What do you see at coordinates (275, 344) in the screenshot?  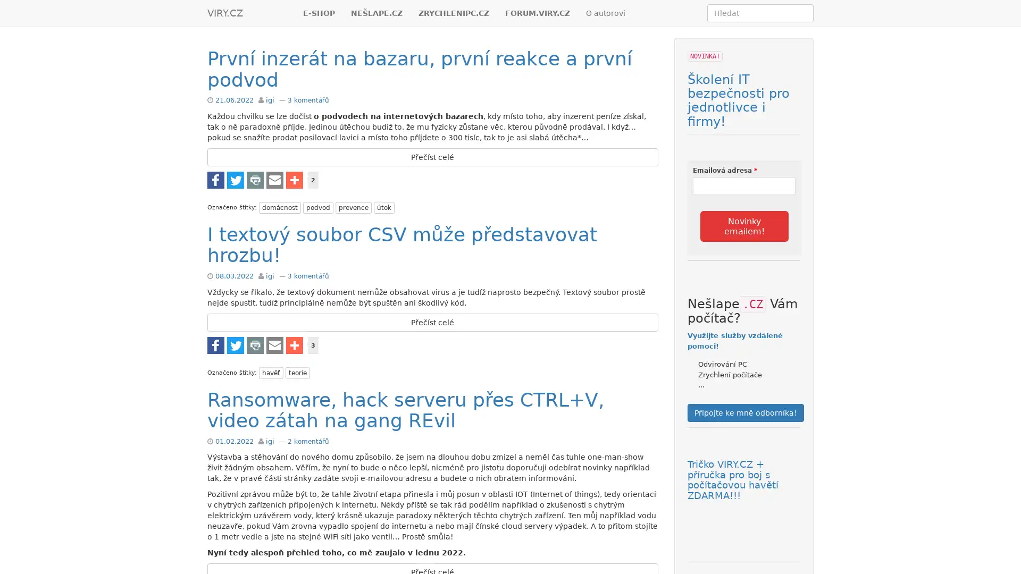 I see `Share to E-mail` at bounding box center [275, 344].